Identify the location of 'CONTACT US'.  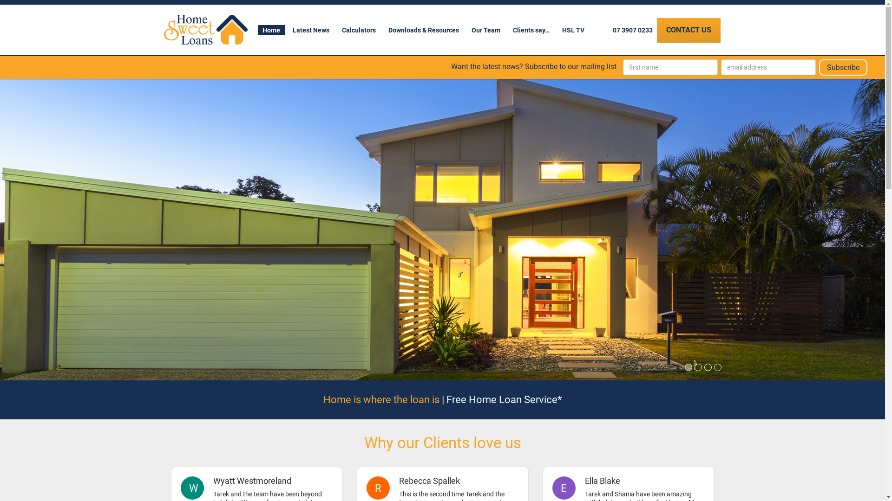
(689, 30).